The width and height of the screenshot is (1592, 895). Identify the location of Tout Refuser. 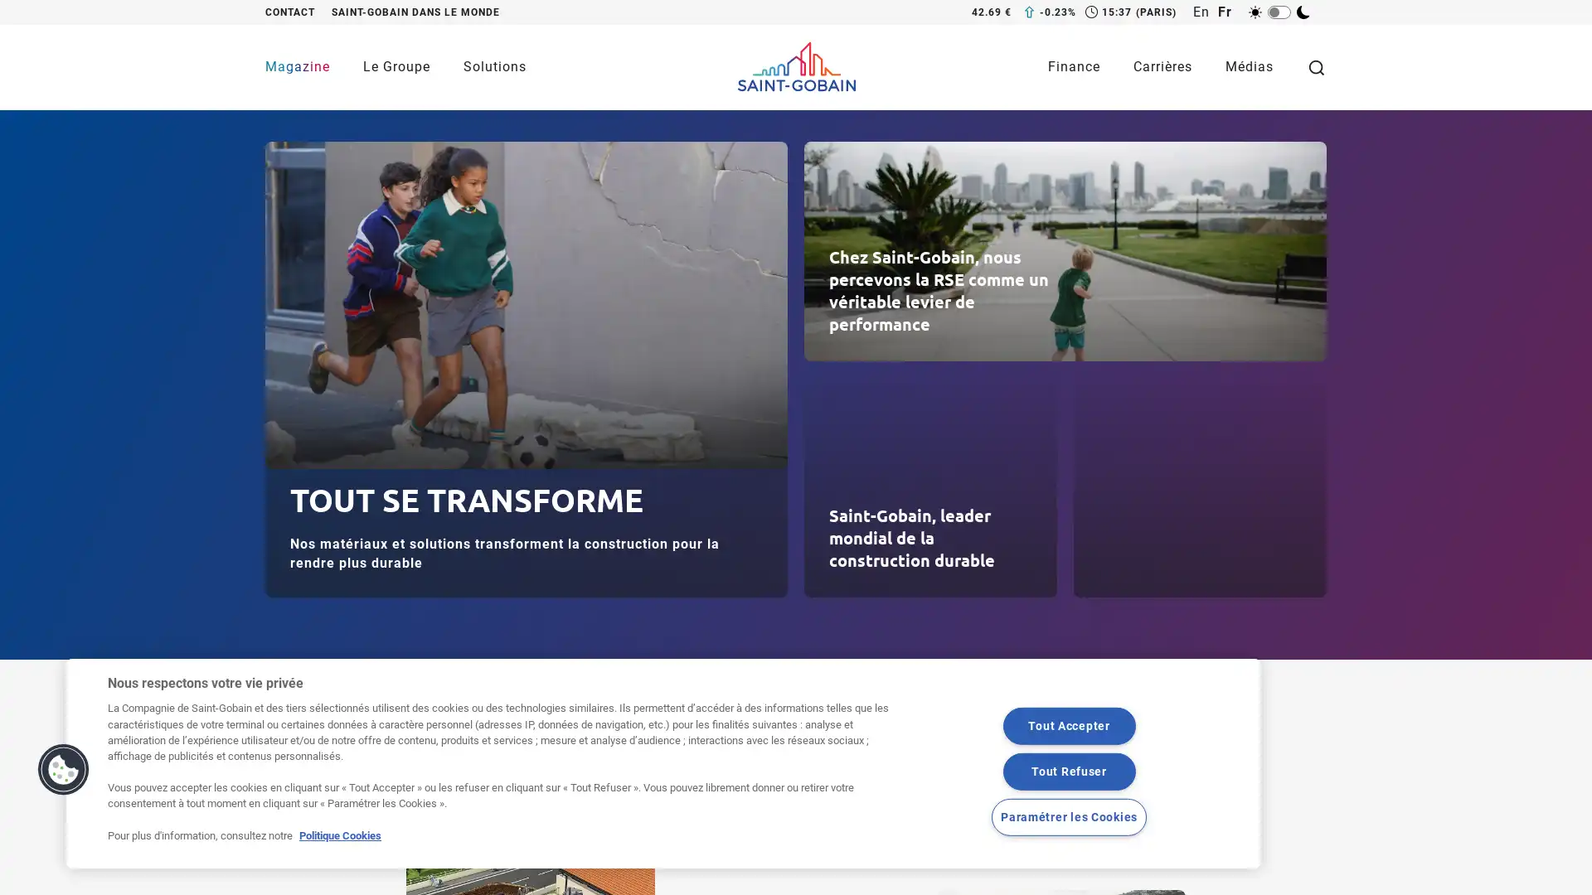
(1069, 771).